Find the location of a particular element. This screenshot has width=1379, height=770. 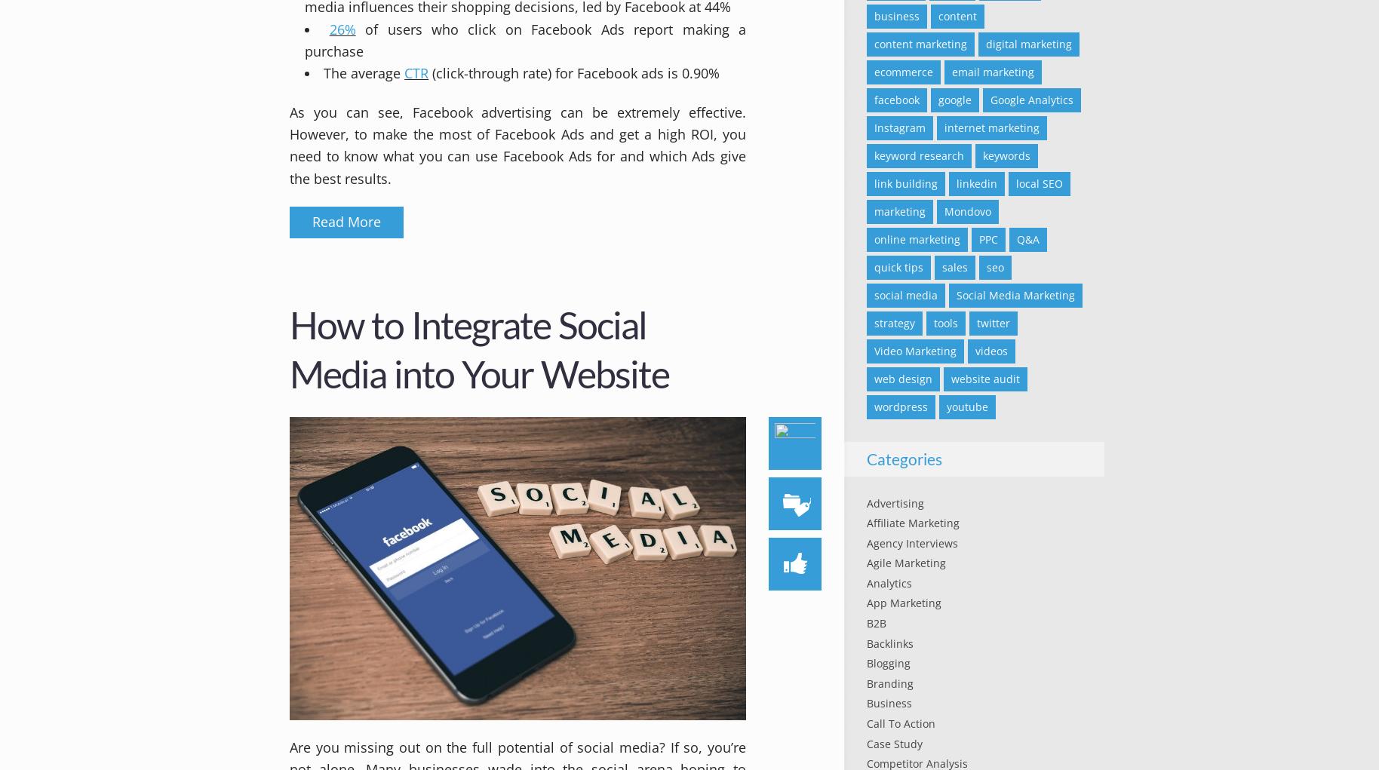

'Analytics' is located at coordinates (889, 582).